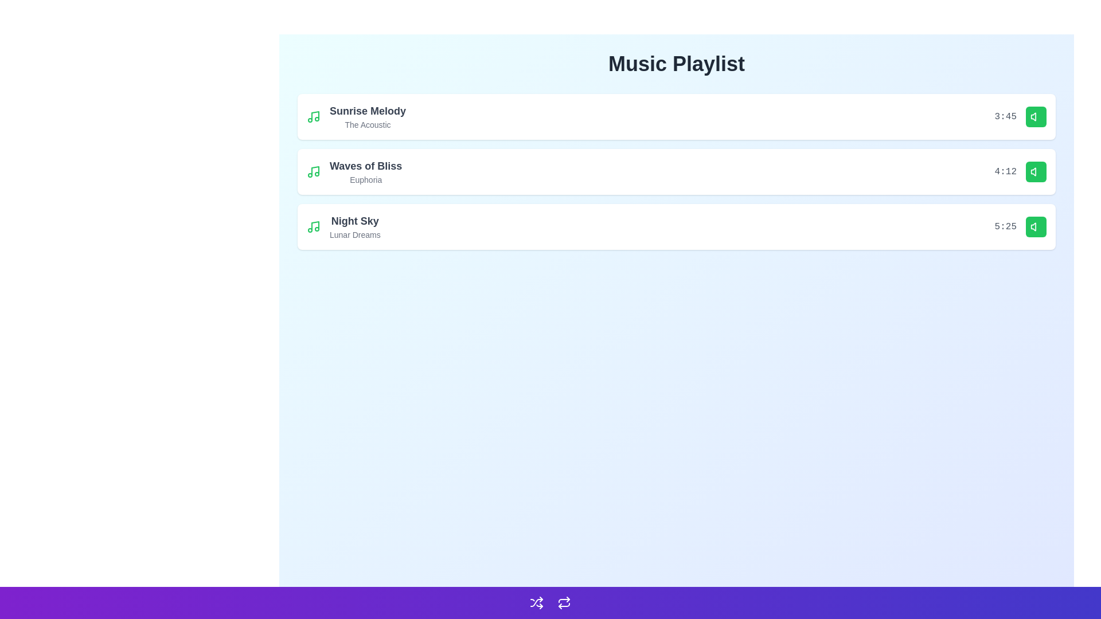 This screenshot has height=619, width=1101. Describe the element at coordinates (677, 172) in the screenshot. I see `the second entry in the music playlist, which represents a music track with details like name, artist, and duration, for interaction feedback` at that location.